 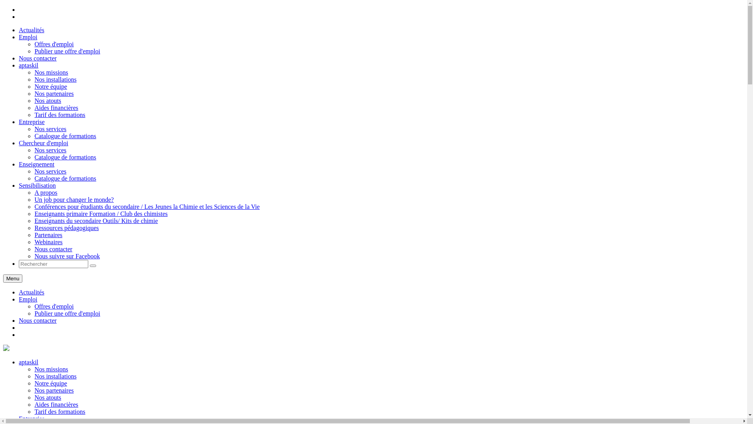 What do you see at coordinates (74, 199) in the screenshot?
I see `'Un job pour changer le monde?'` at bounding box center [74, 199].